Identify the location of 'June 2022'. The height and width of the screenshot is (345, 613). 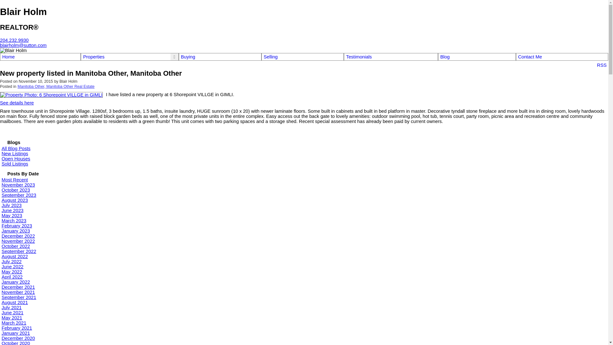
(12, 266).